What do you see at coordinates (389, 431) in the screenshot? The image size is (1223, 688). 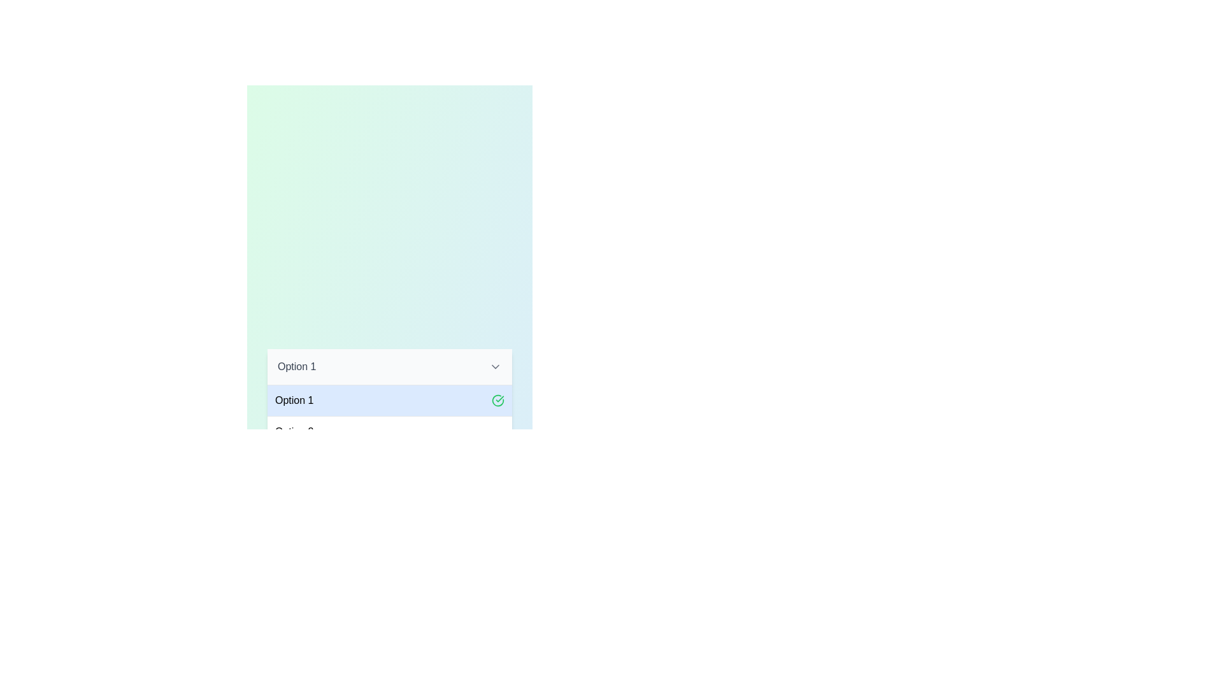 I see `the dropdown option Option 2` at bounding box center [389, 431].